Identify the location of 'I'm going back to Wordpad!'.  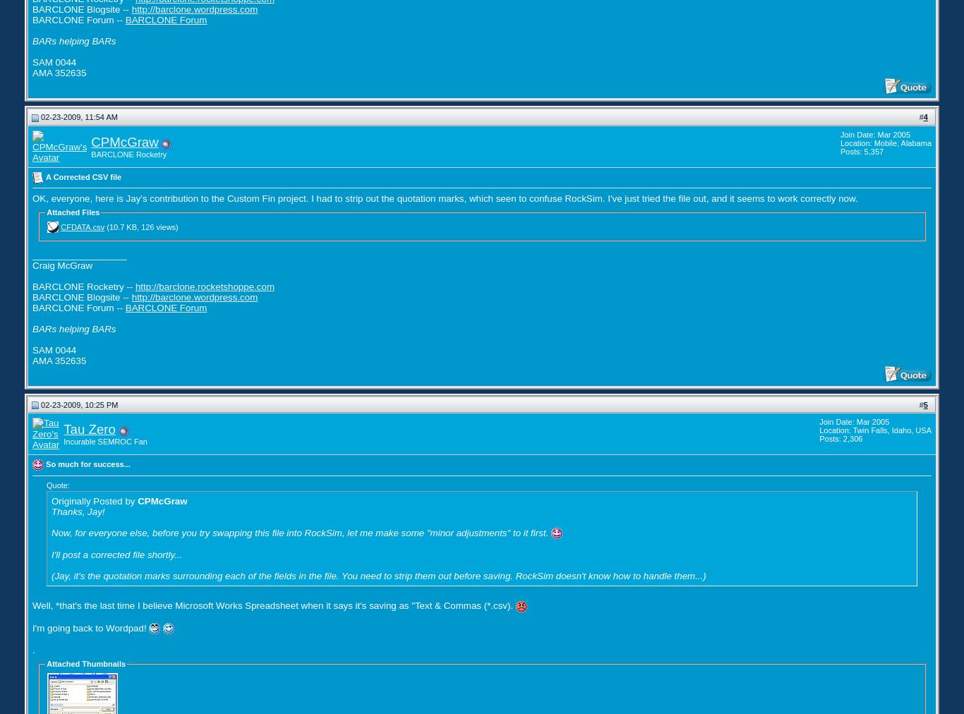
(32, 627).